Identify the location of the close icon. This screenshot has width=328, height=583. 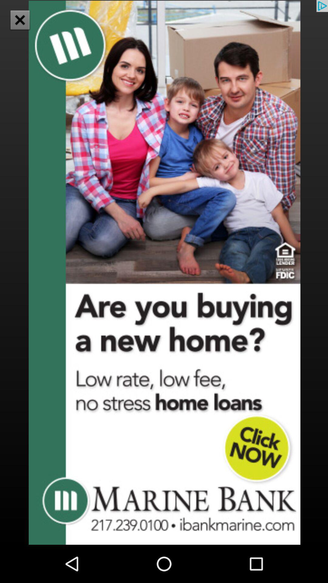
(19, 20).